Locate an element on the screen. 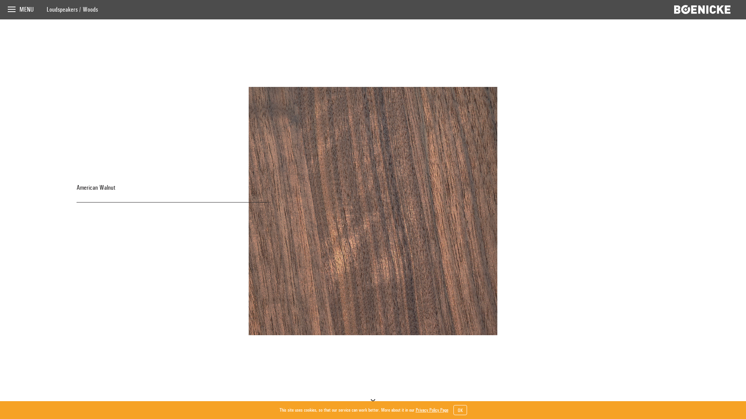 The height and width of the screenshot is (419, 746). 'OK' is located at coordinates (460, 409).